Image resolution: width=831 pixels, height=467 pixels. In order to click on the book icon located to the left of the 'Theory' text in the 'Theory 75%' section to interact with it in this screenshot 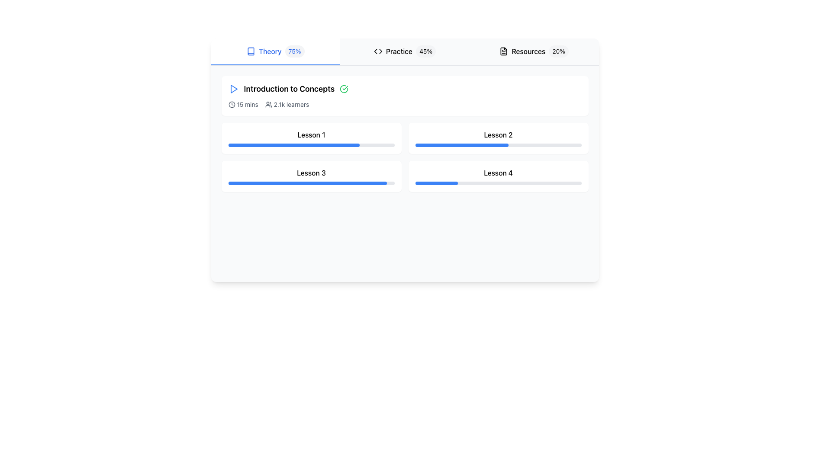, I will do `click(251, 51)`.